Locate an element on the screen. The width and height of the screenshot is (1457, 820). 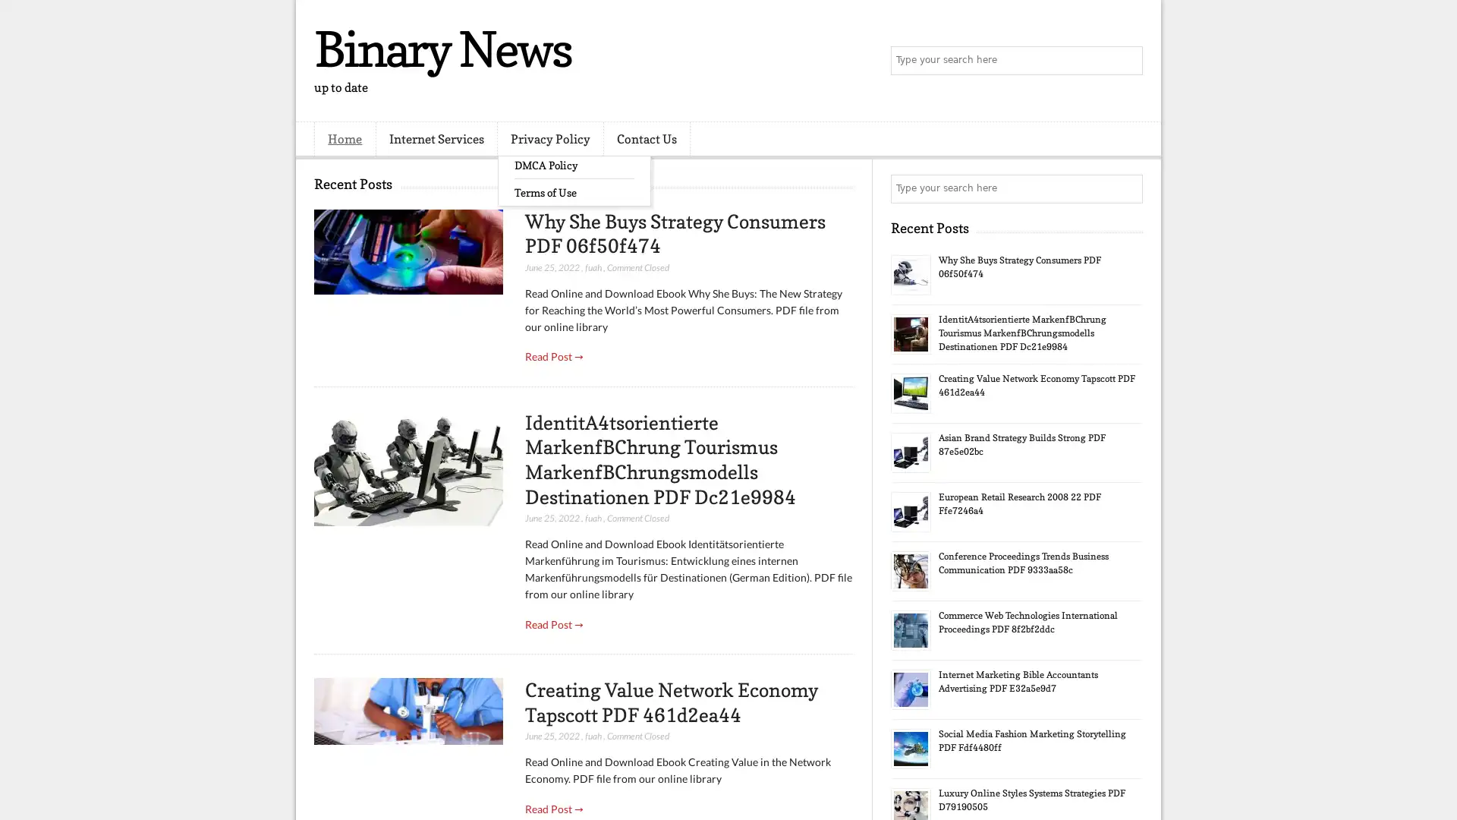
Search is located at coordinates (1127, 61).